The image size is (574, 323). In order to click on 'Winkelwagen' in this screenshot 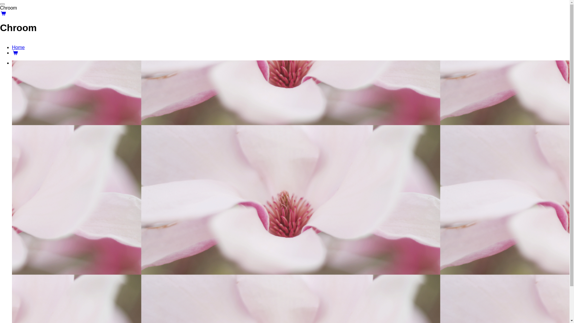, I will do `click(12, 52)`.